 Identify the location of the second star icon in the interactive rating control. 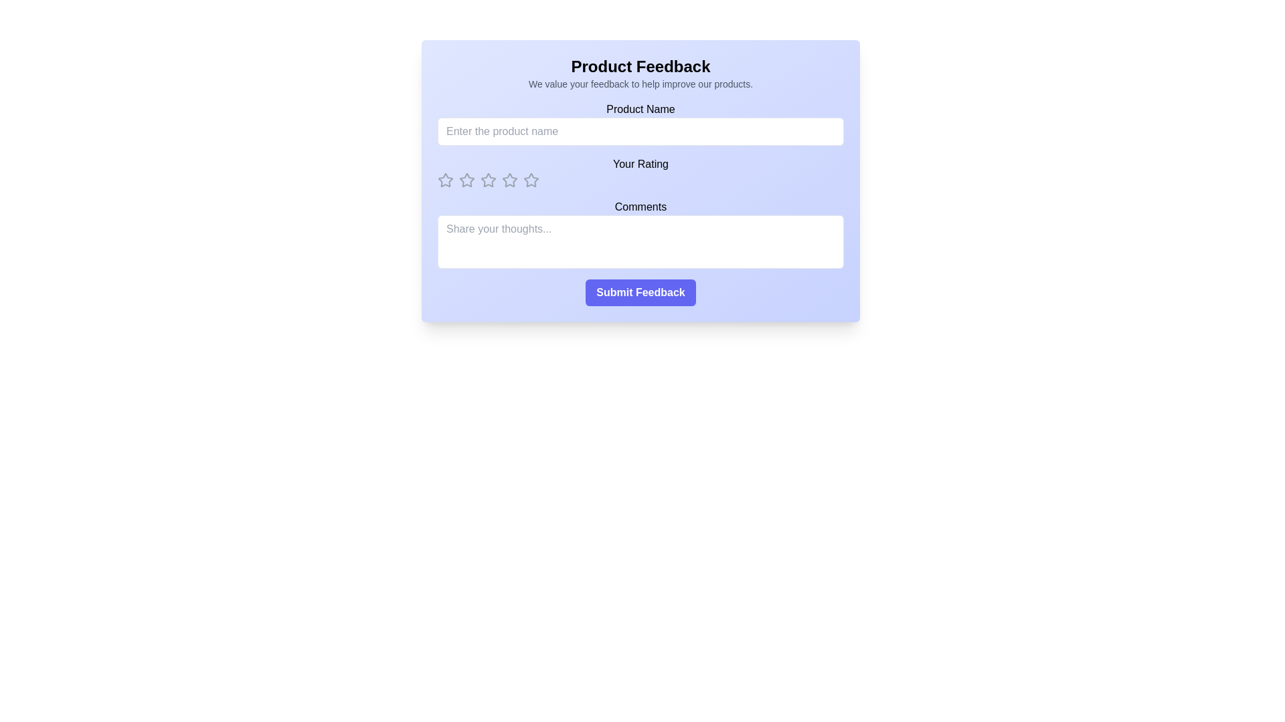
(466, 179).